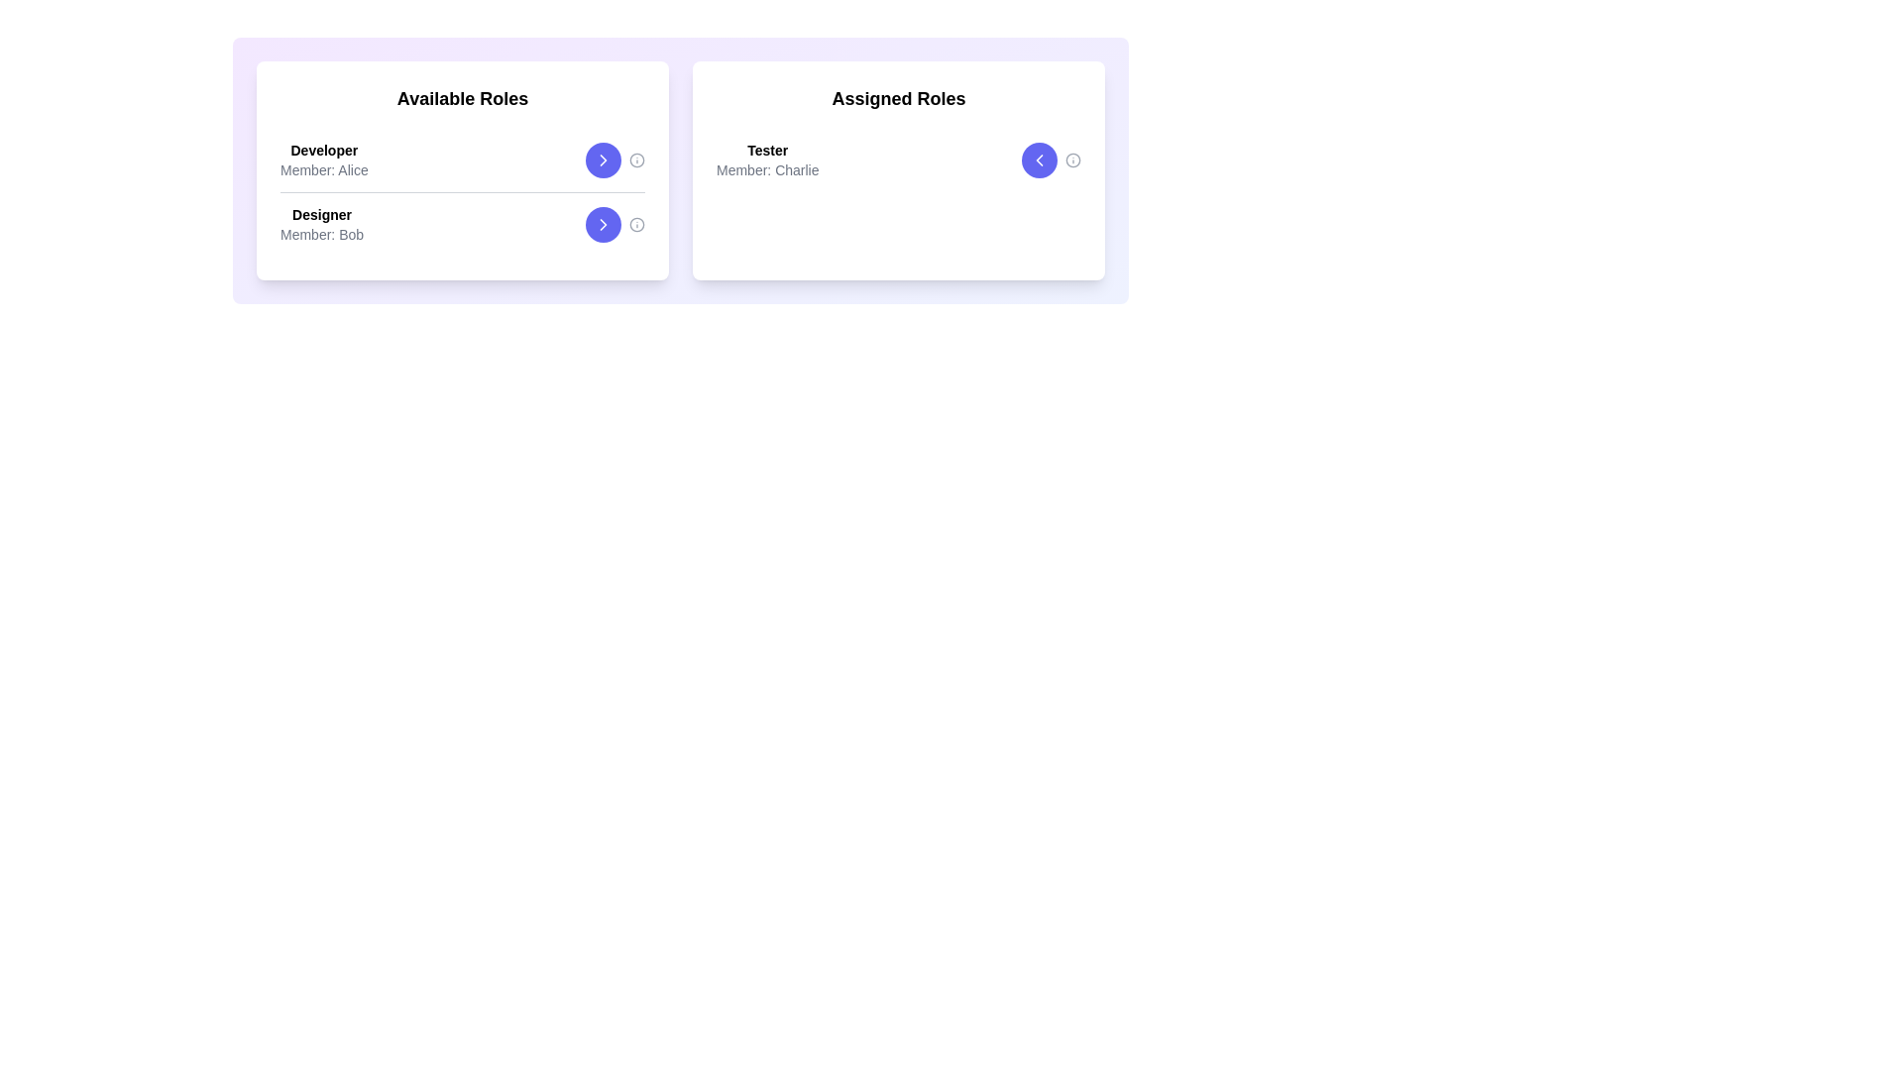 Image resolution: width=1903 pixels, height=1070 pixels. I want to click on the info icon to display additional information, so click(637, 160).